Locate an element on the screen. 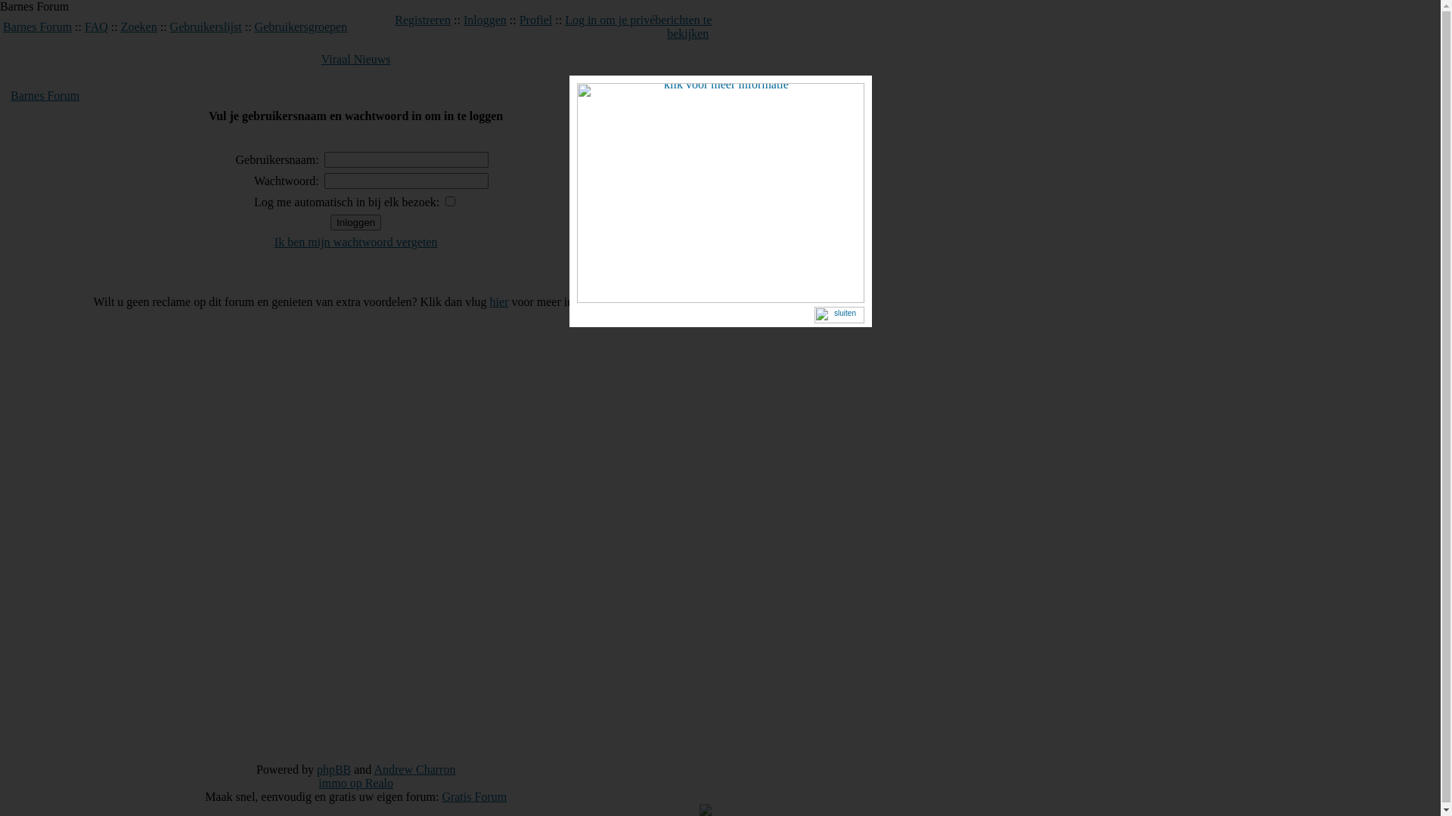 The width and height of the screenshot is (1452, 816). 'Registreren' is located at coordinates (422, 20).